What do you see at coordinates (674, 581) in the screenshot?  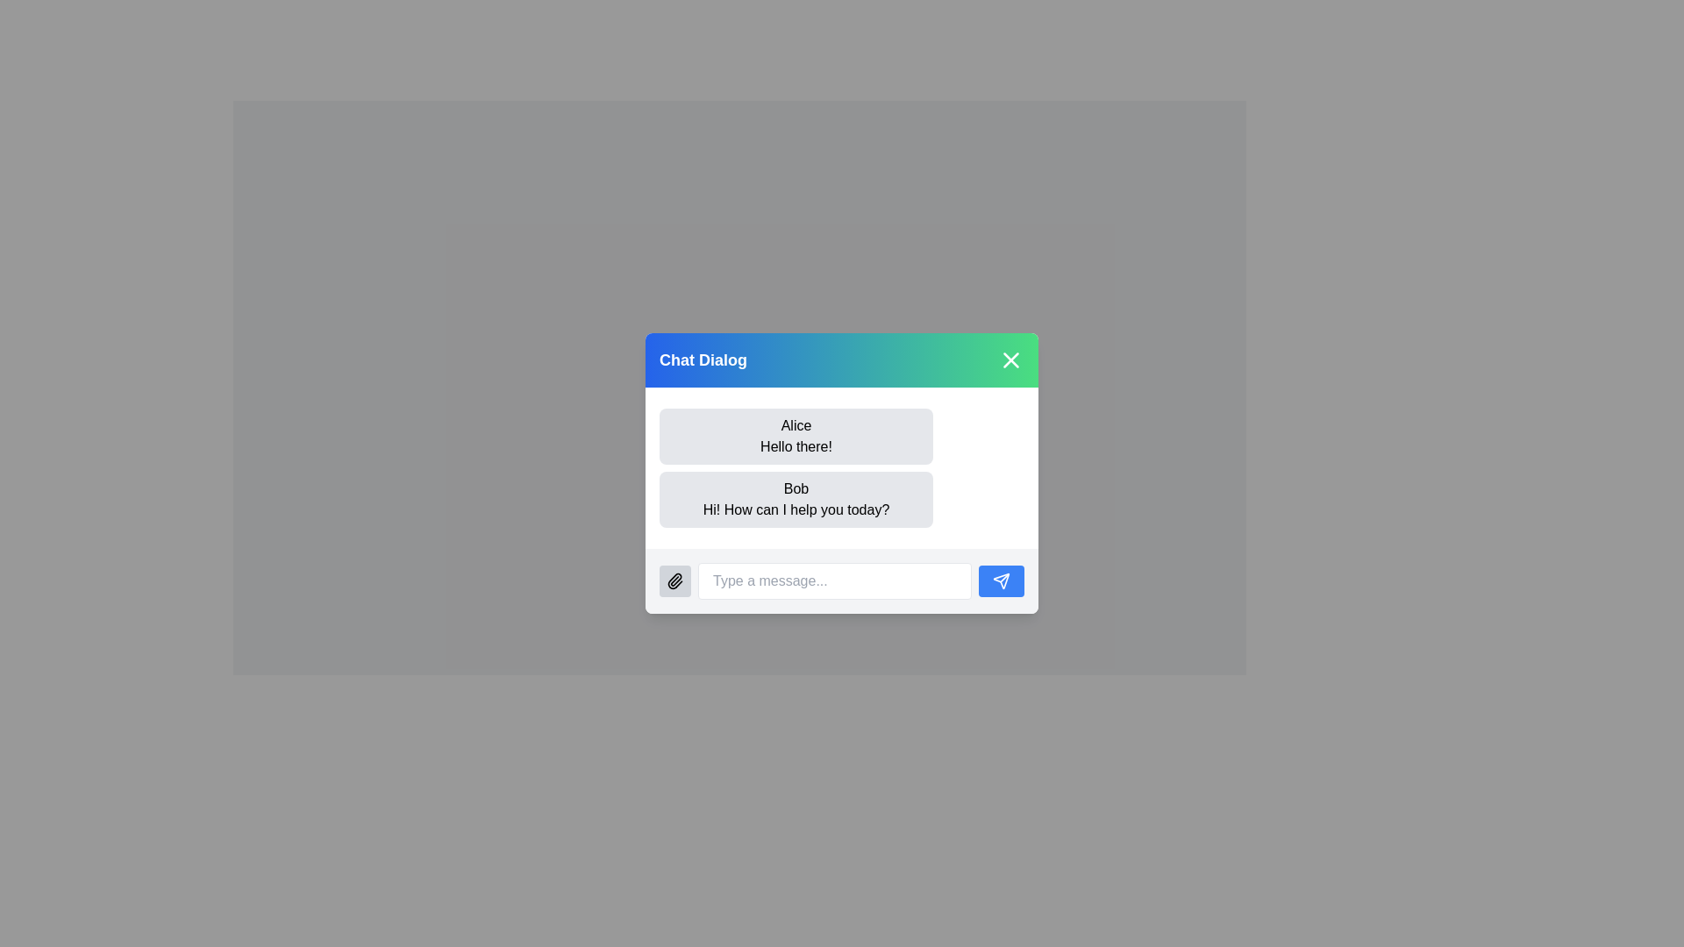 I see `the paperclip icon located at the bottom-left corner of the chat dialog box` at bounding box center [674, 581].